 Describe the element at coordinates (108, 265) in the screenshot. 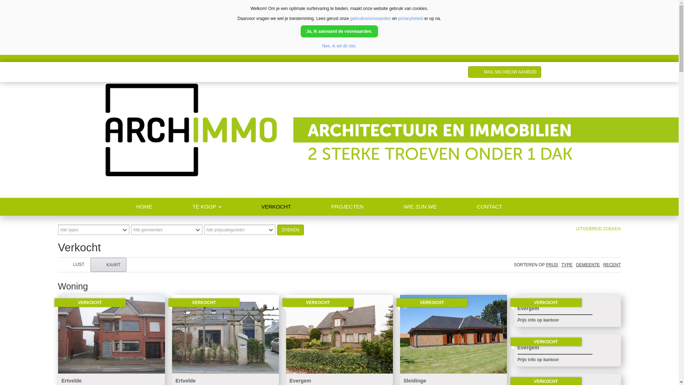

I see `'KAART'` at that location.